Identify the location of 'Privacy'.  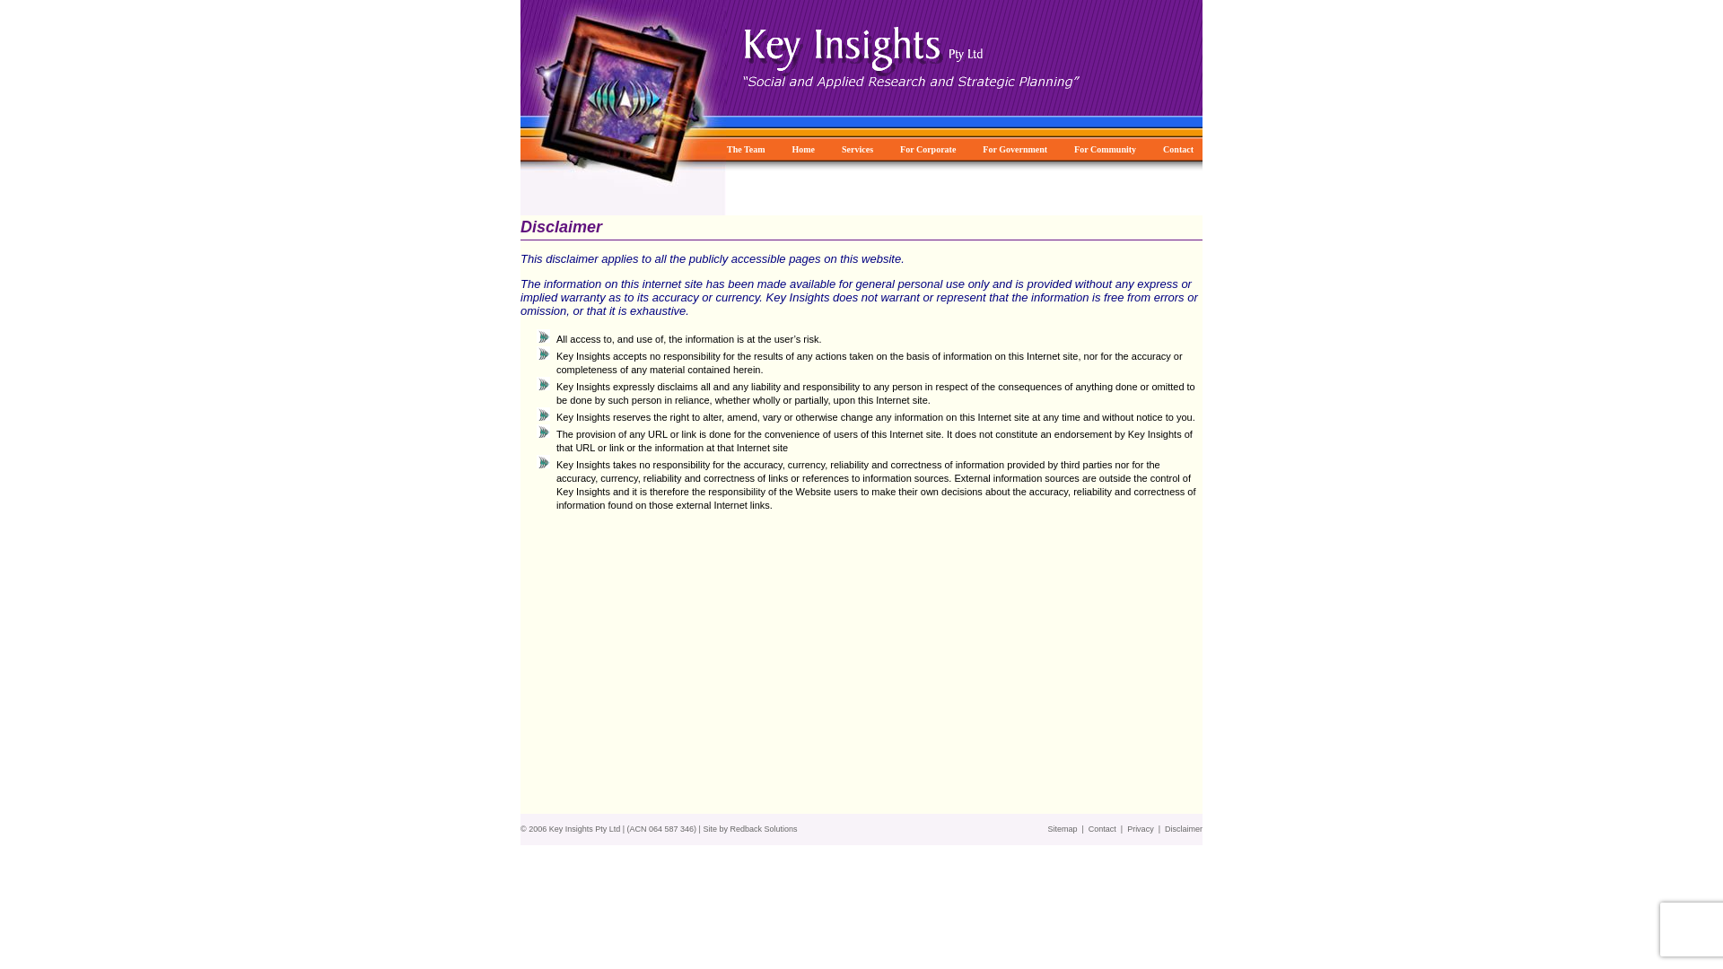
(1126, 829).